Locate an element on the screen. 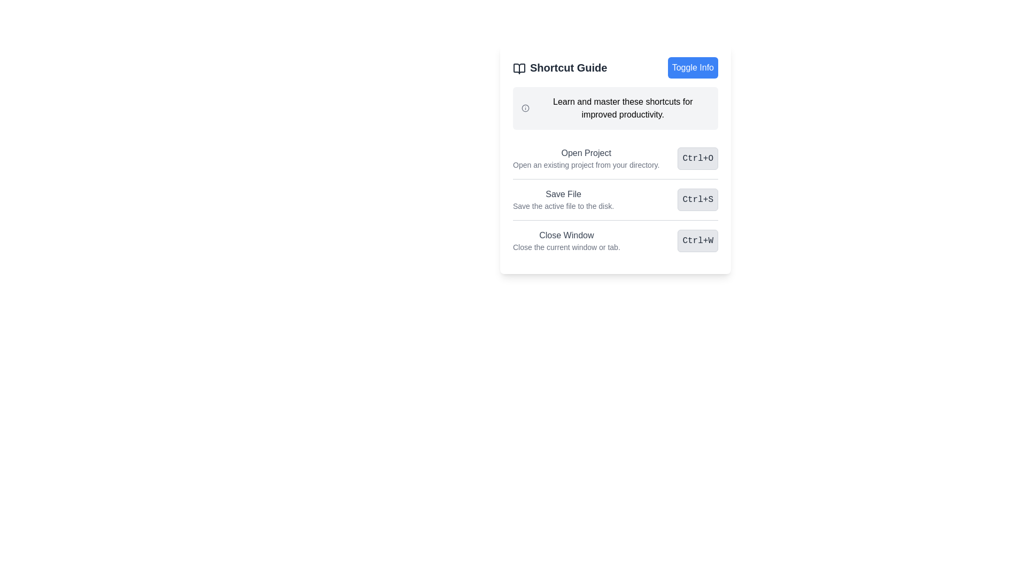 The height and width of the screenshot is (577, 1026). tooltip text of the 'Close Window' list item located in the 'Shortcut Guide' panel, which displays the shortcut indication 'Ctrl+W' is located at coordinates (616, 240).